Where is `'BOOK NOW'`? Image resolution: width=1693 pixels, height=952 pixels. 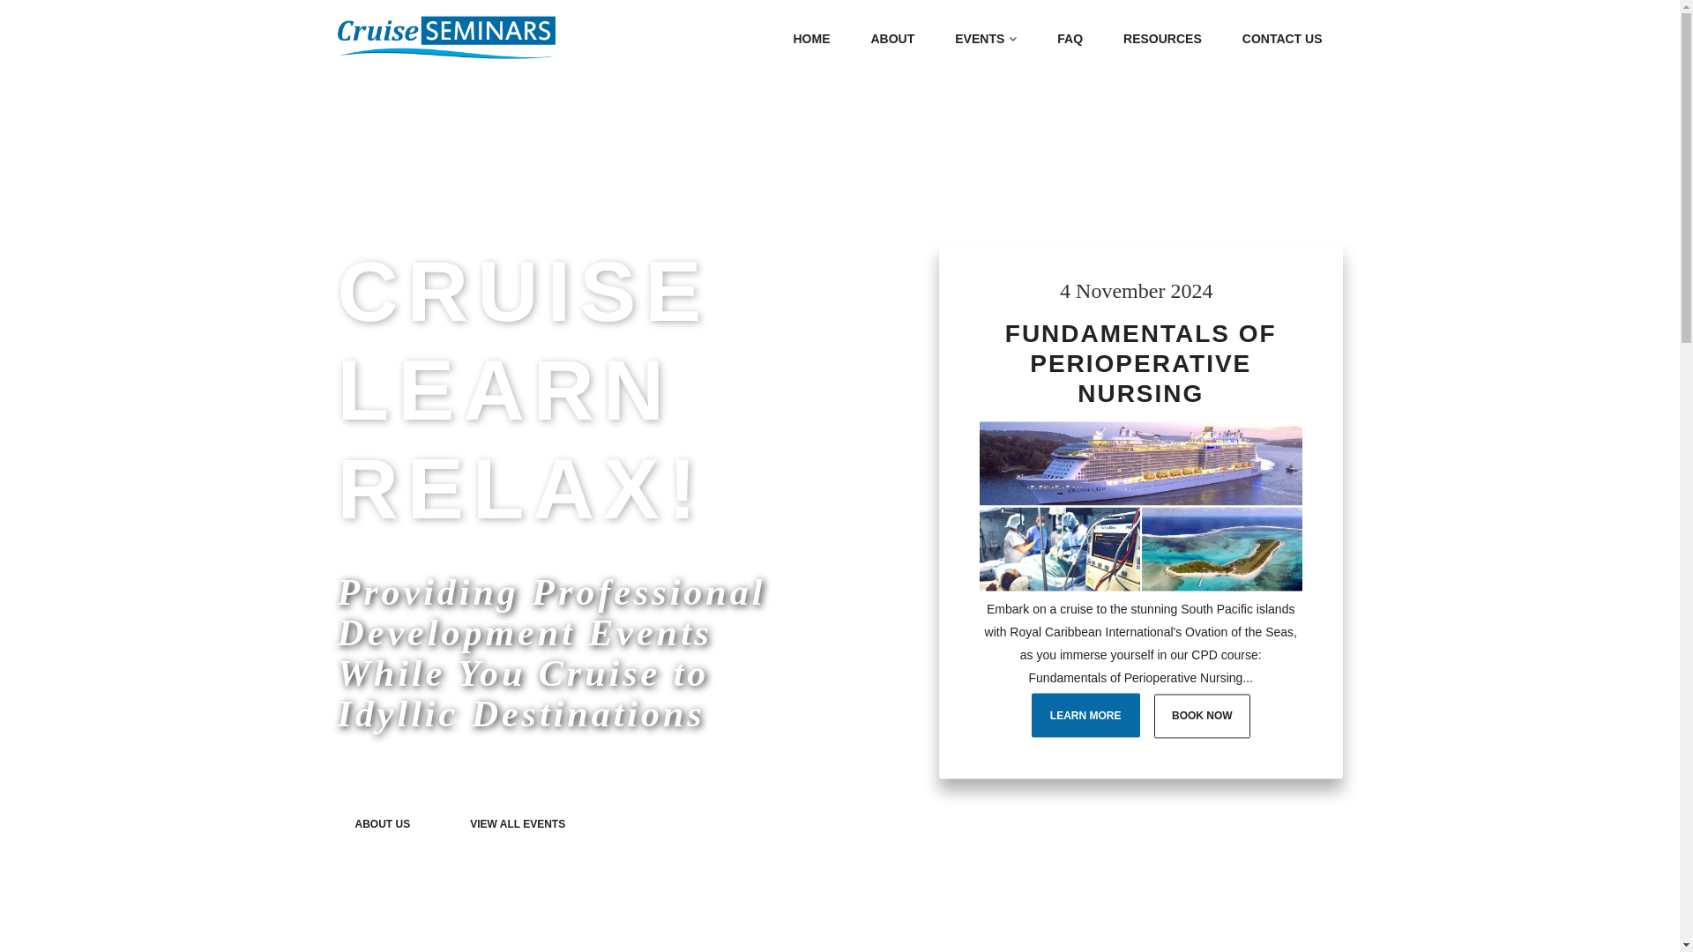
'BOOK NOW' is located at coordinates (1154, 716).